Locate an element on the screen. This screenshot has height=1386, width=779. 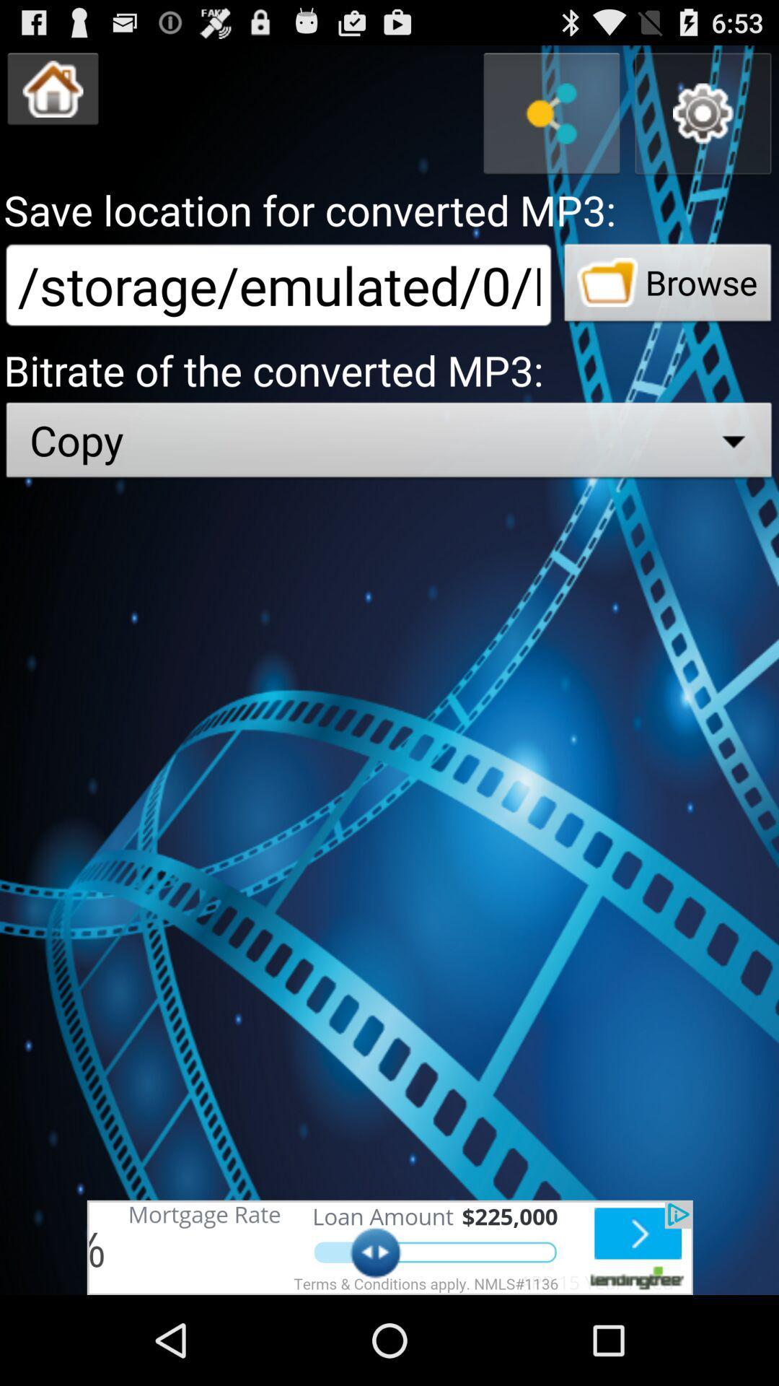
parameter button is located at coordinates (703, 113).